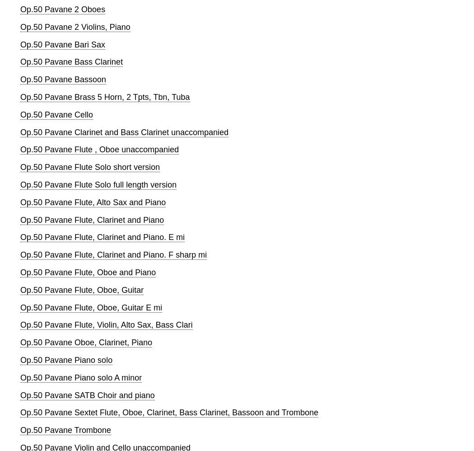 This screenshot has width=474, height=451. Describe the element at coordinates (75, 26) in the screenshot. I see `'Op.50  Pavane  2 Violins, Piano'` at that location.